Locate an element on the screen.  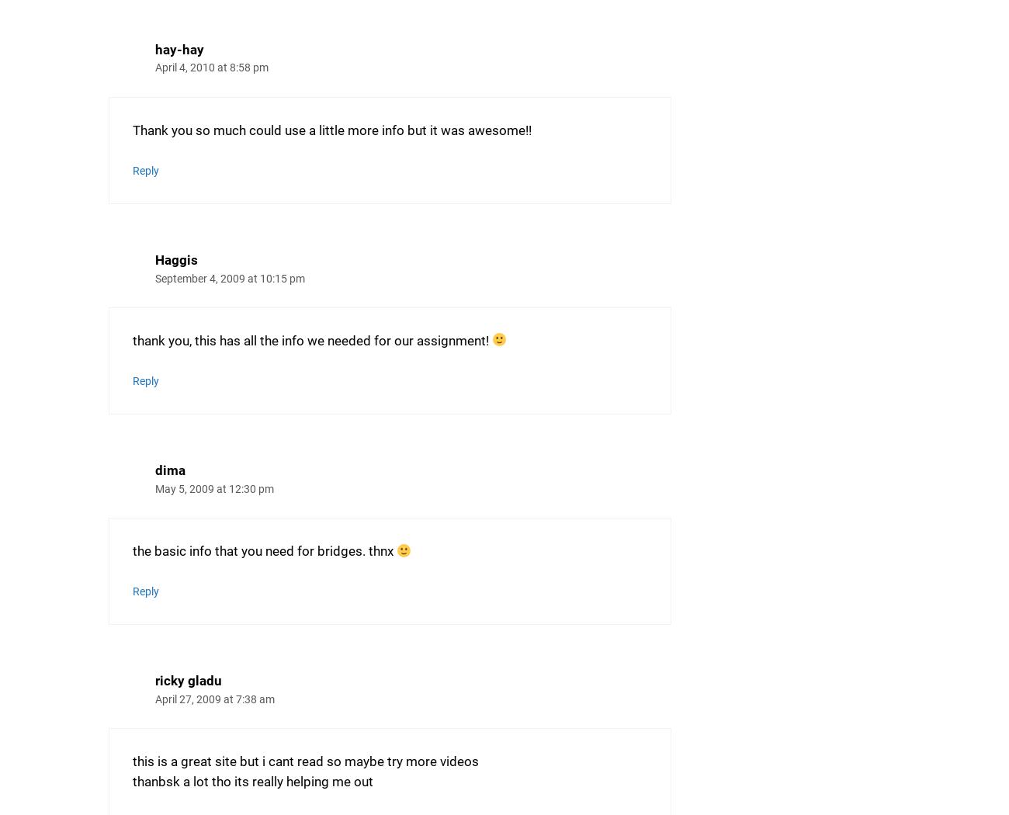
'May 5, 2009 at 12:30 pm' is located at coordinates (214, 488).